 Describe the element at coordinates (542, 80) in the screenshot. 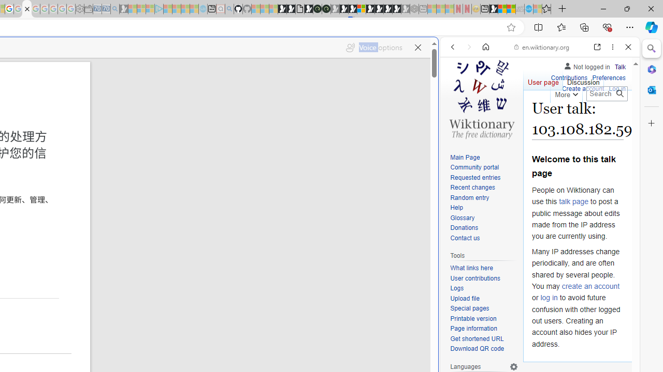

I see `'User page'` at that location.